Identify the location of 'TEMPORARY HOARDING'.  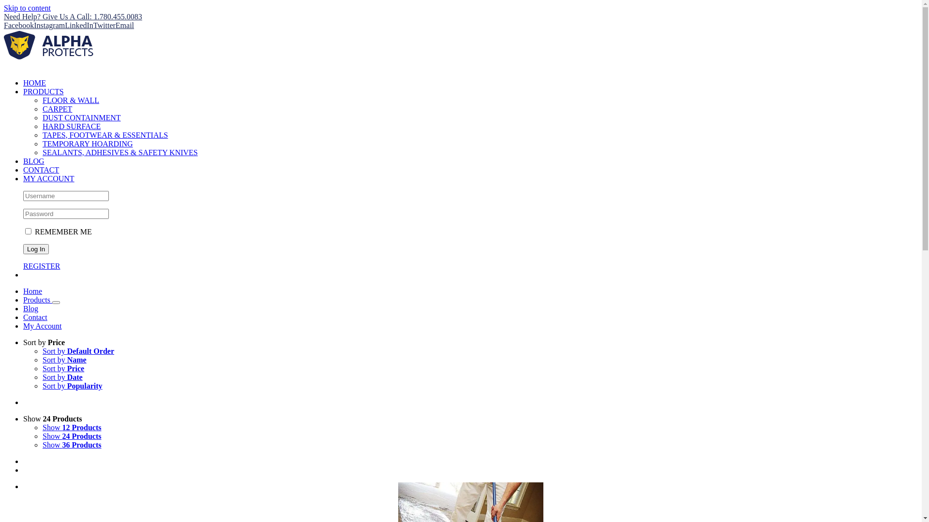
(88, 144).